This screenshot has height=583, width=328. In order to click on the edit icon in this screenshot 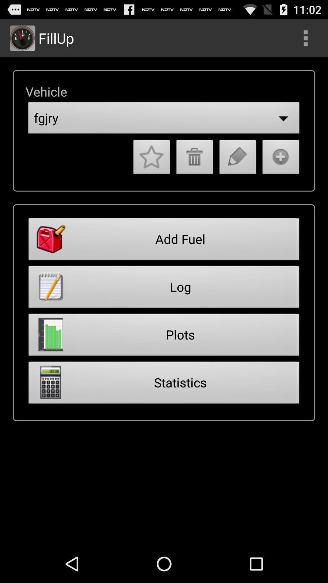, I will do `click(237, 170)`.